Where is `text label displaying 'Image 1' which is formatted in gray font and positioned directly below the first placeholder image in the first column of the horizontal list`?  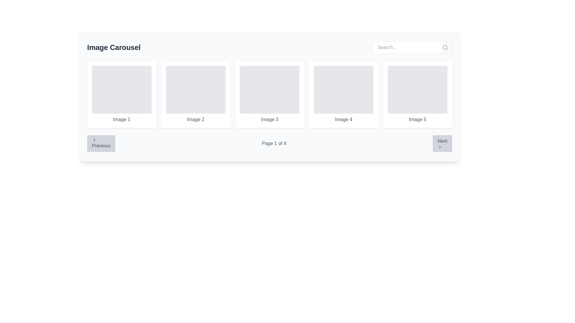 text label displaying 'Image 1' which is formatted in gray font and positioned directly below the first placeholder image in the first column of the horizontal list is located at coordinates (121, 120).